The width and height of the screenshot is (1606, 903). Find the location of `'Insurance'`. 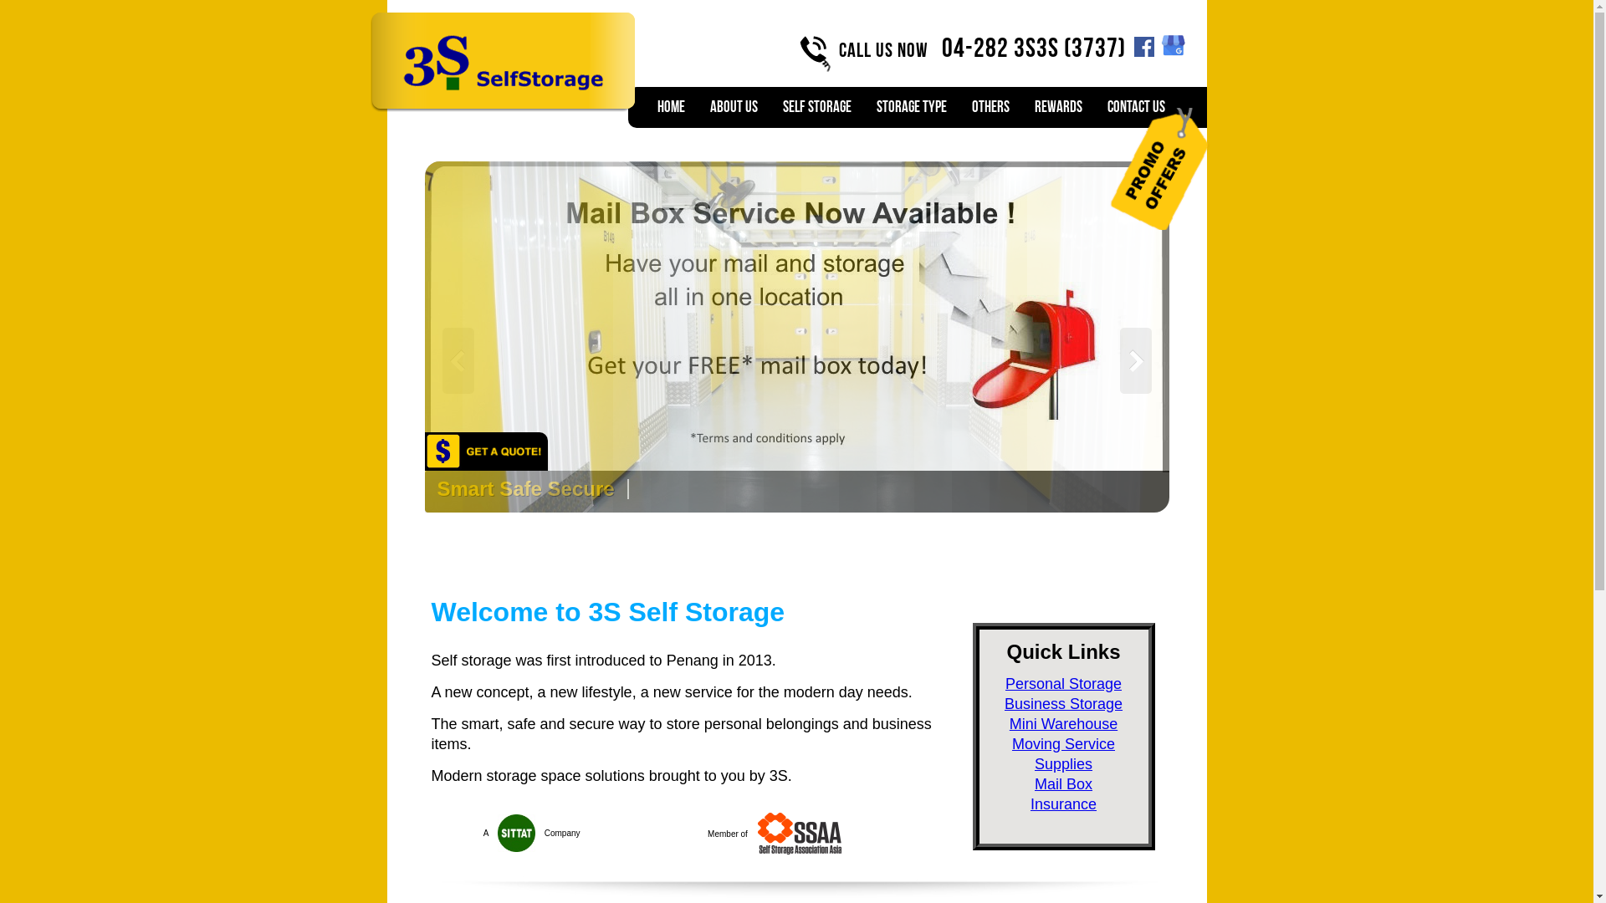

'Insurance' is located at coordinates (1062, 803).